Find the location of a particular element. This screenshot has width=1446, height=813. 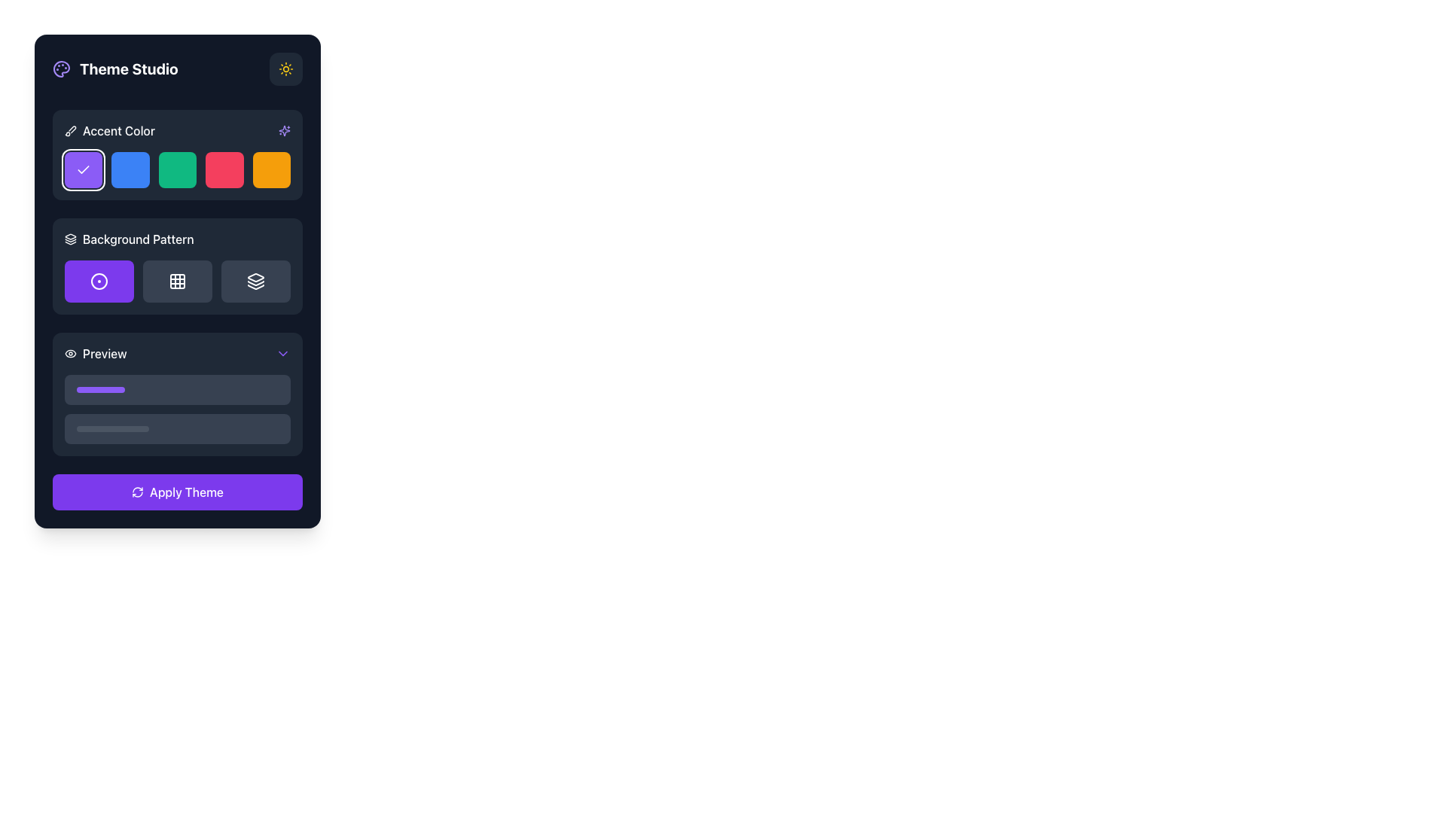

the composite component that consists of an icon and text, located in the lower section of the visible panel as the first item from the left in a horizontal layout is located at coordinates (95, 354).